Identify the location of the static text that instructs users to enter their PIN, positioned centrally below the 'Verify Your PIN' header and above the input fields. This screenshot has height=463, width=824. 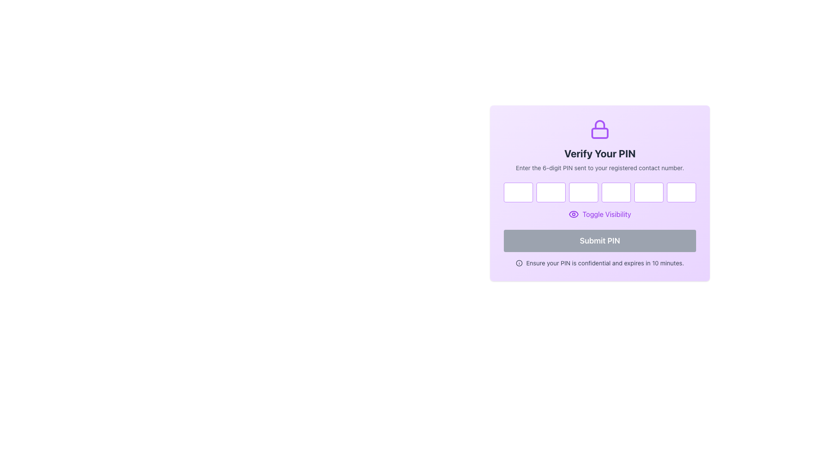
(599, 168).